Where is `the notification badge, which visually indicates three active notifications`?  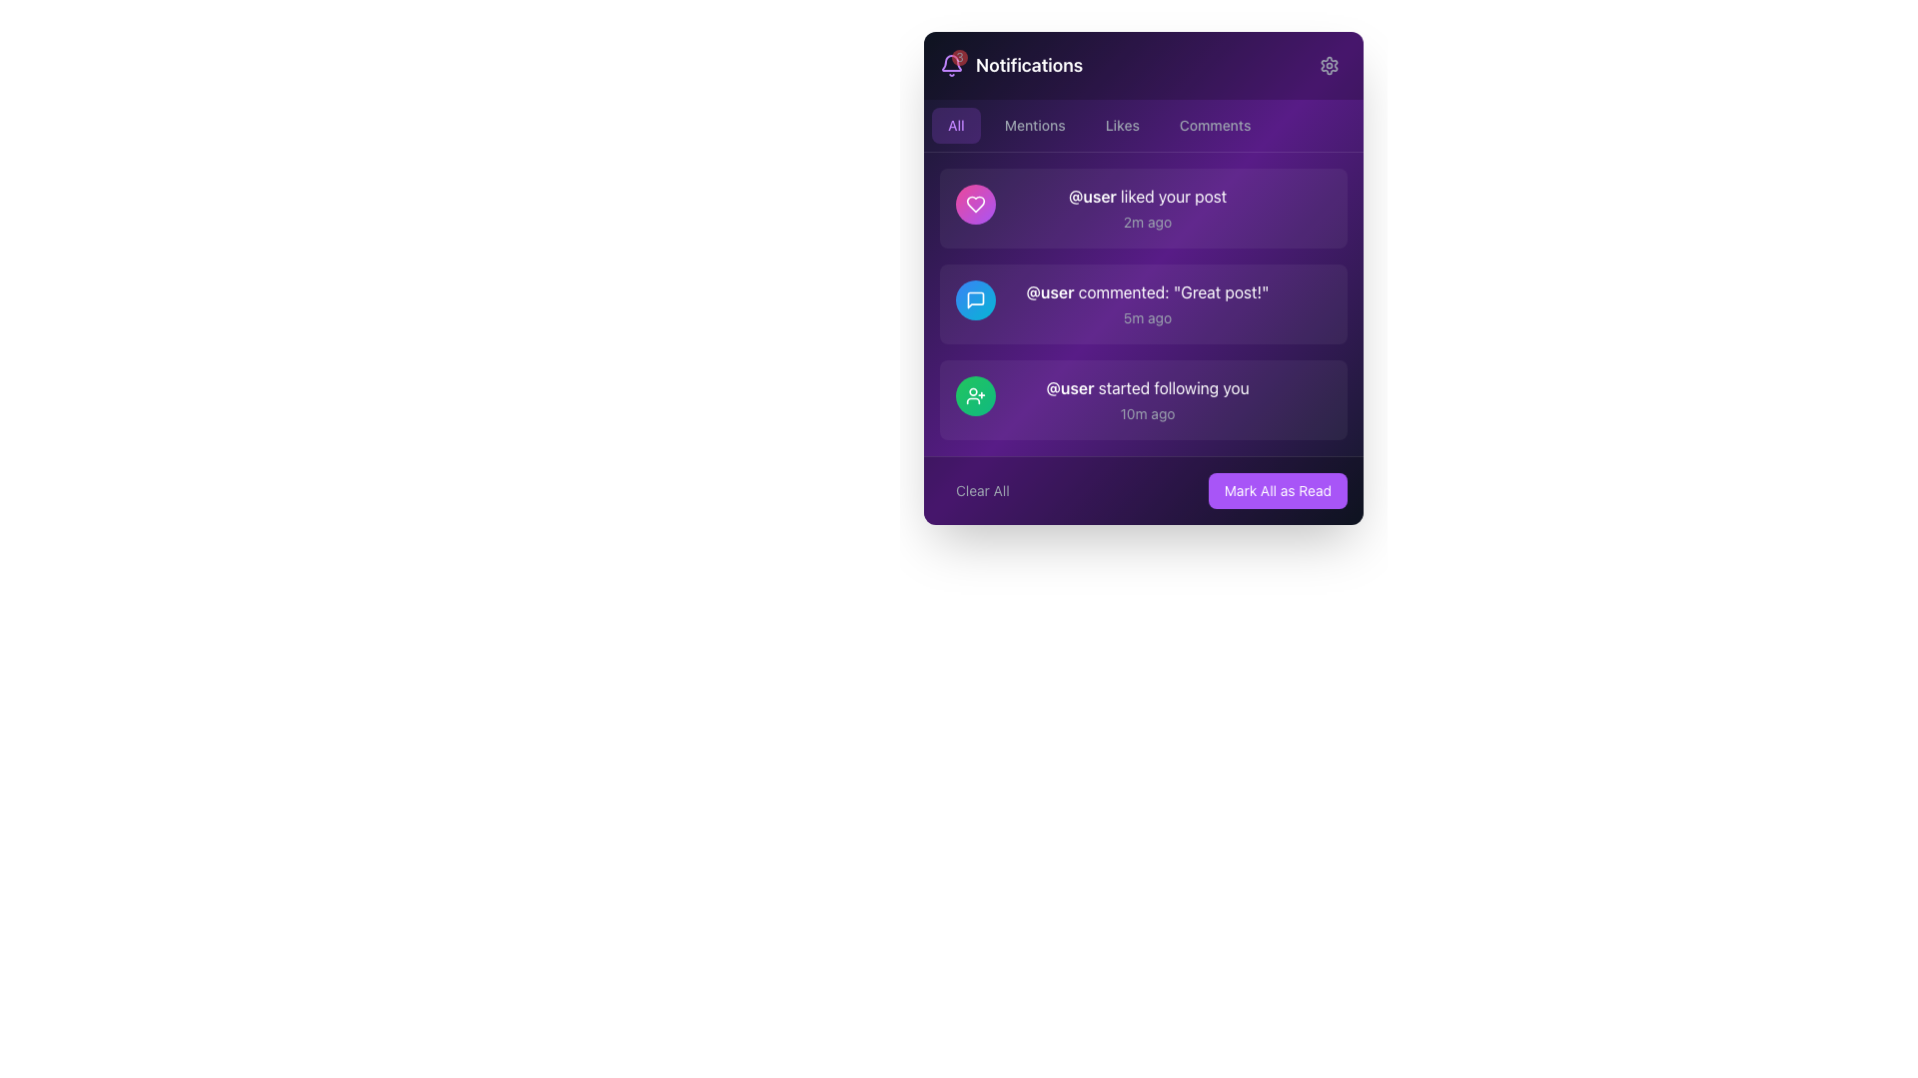
the notification badge, which visually indicates three active notifications is located at coordinates (959, 56).